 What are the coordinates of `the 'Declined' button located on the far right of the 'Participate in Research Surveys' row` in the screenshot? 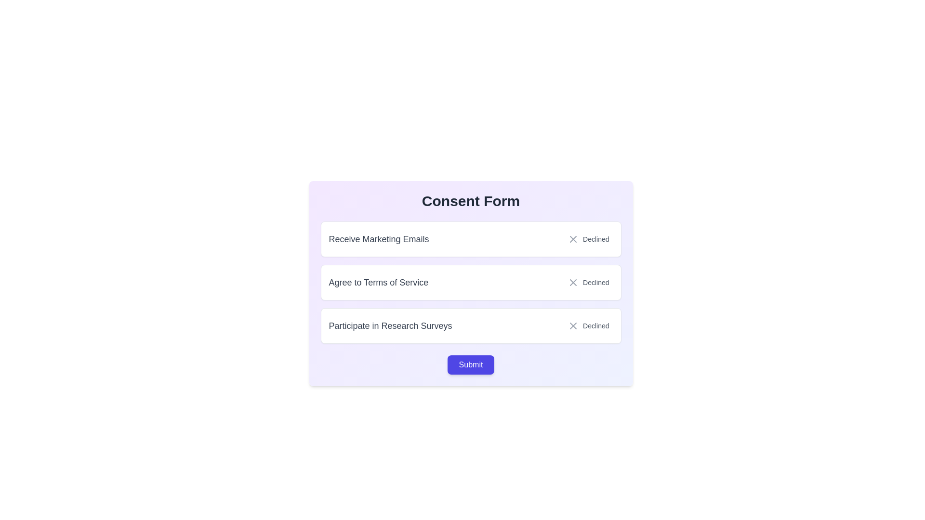 It's located at (588, 325).